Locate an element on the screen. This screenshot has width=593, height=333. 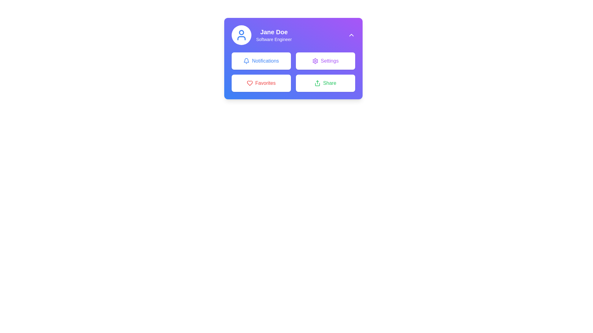
'Notifications' label inside the blue button located at the top left of a grid of buttons to understand its purpose is located at coordinates (265, 61).